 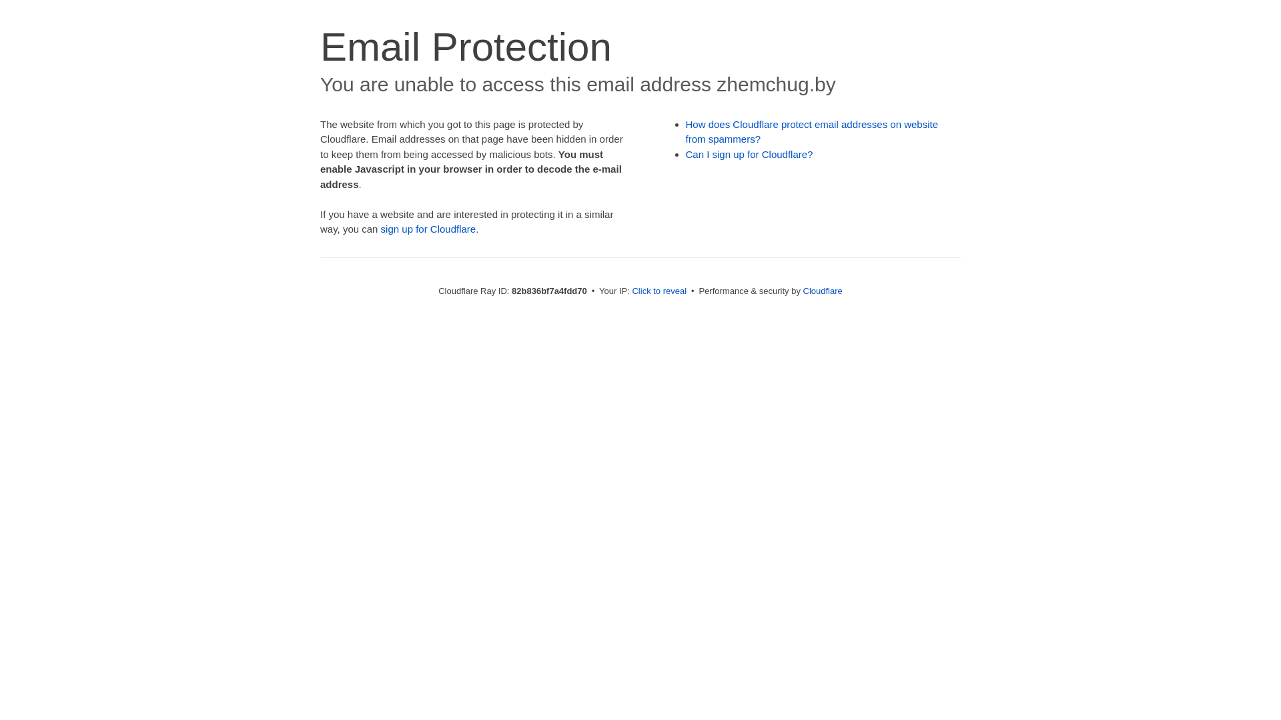 What do you see at coordinates (749, 153) in the screenshot?
I see `'Can I sign up for Cloudflare?'` at bounding box center [749, 153].